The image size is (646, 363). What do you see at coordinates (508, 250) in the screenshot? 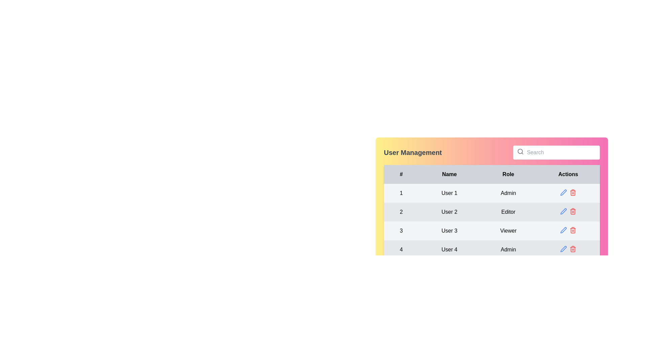
I see `the text label containing the word 'Admin', which is displayed in the center of its box with a light gray background and is located in the fourth row under the 'Role' column` at bounding box center [508, 250].